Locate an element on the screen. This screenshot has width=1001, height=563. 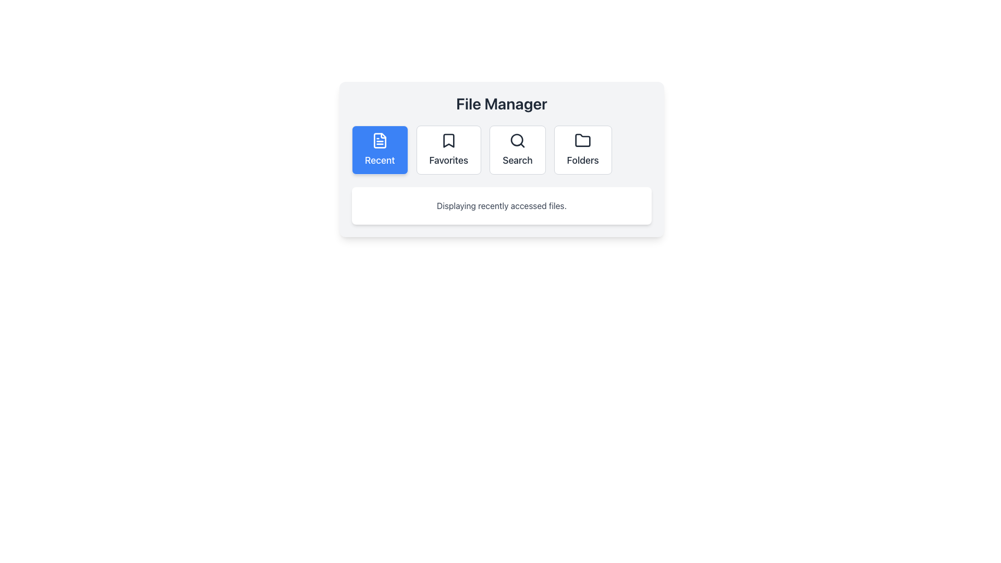
the 'Search' button, which is the third button in a row of four buttons labeled 'Recent,' 'Favorites,' 'Search,' and 'Folders' is located at coordinates (517, 150).